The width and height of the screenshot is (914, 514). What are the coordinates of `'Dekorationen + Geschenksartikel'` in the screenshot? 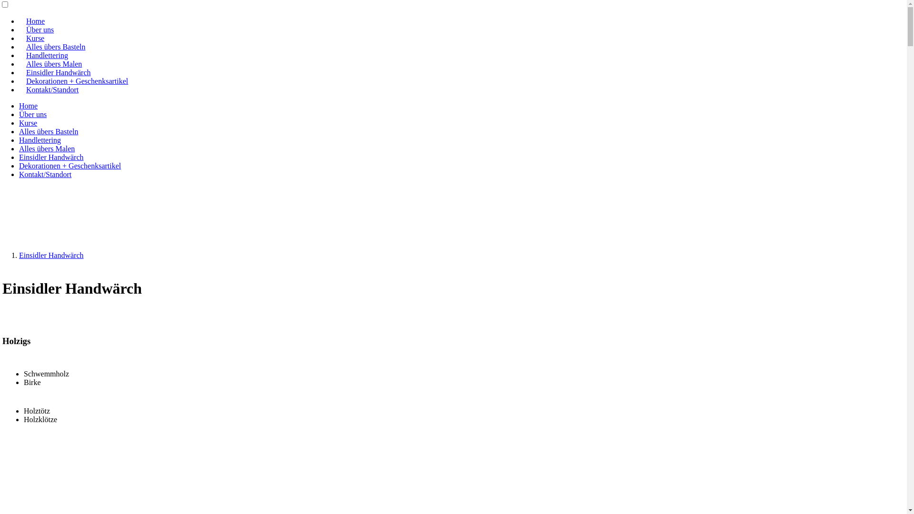 It's located at (19, 80).